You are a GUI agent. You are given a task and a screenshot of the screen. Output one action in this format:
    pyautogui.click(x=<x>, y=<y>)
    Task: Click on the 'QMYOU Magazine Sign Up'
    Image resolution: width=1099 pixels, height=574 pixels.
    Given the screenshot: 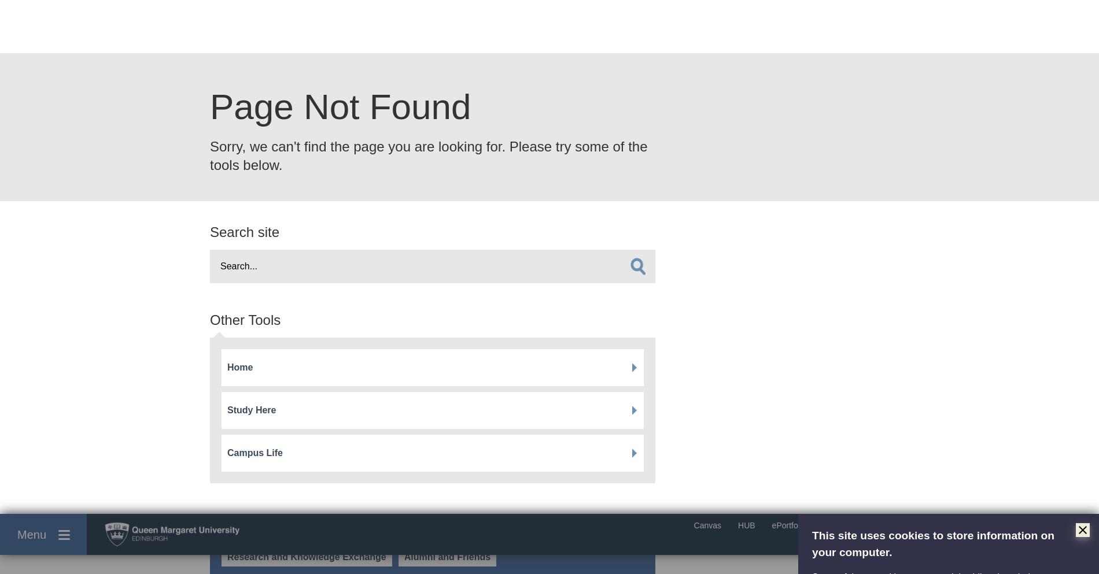 What is the action you would take?
    pyautogui.click(x=725, y=532)
    